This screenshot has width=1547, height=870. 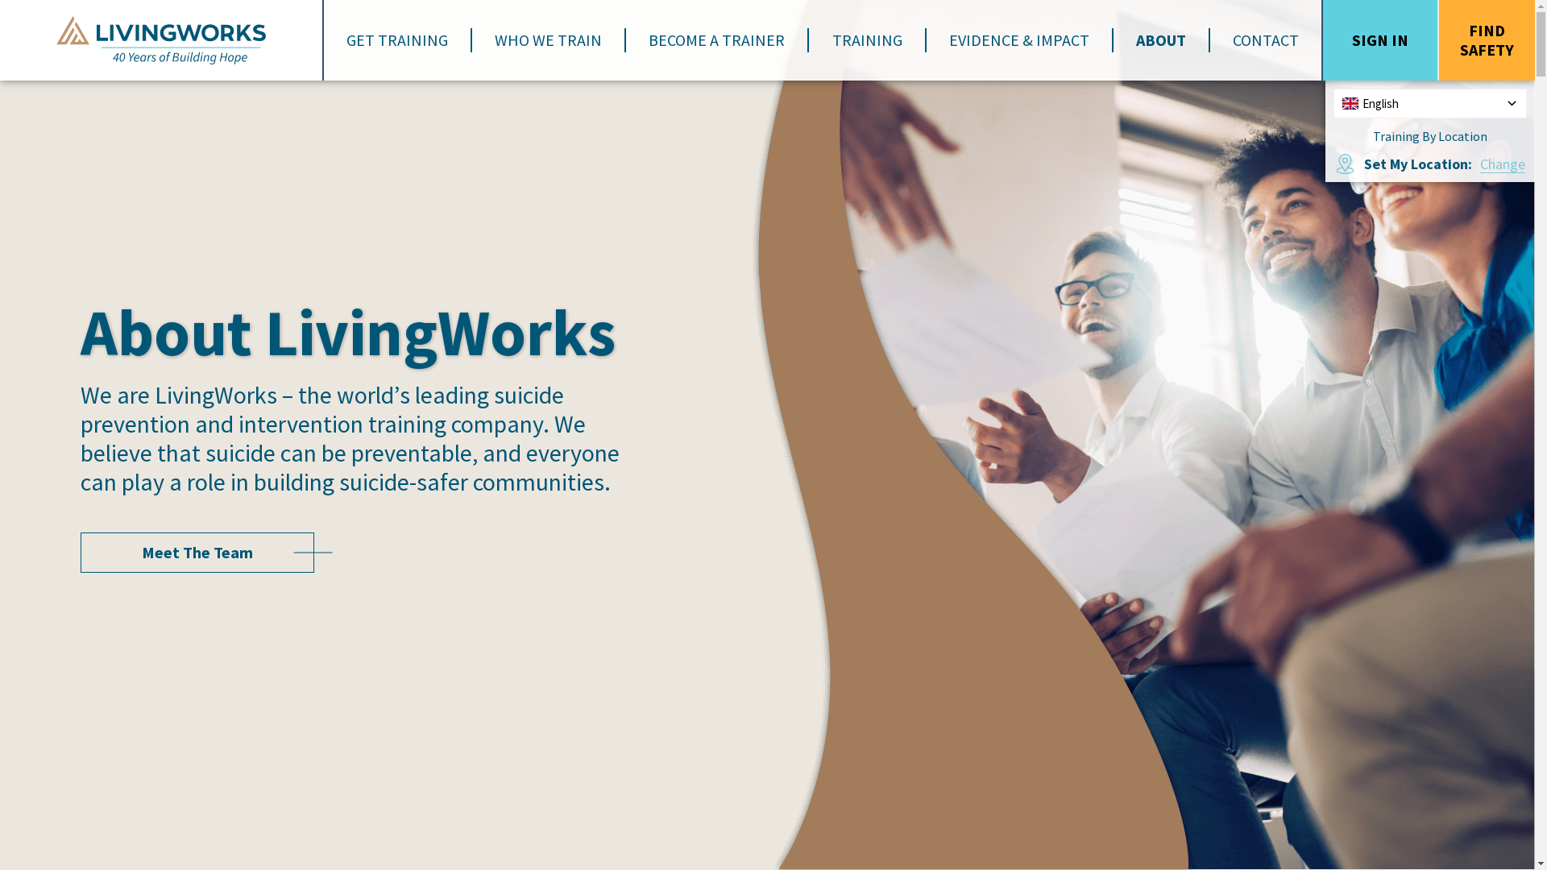 I want to click on 'EVIDENCE & IMPACT', so click(x=1018, y=39).